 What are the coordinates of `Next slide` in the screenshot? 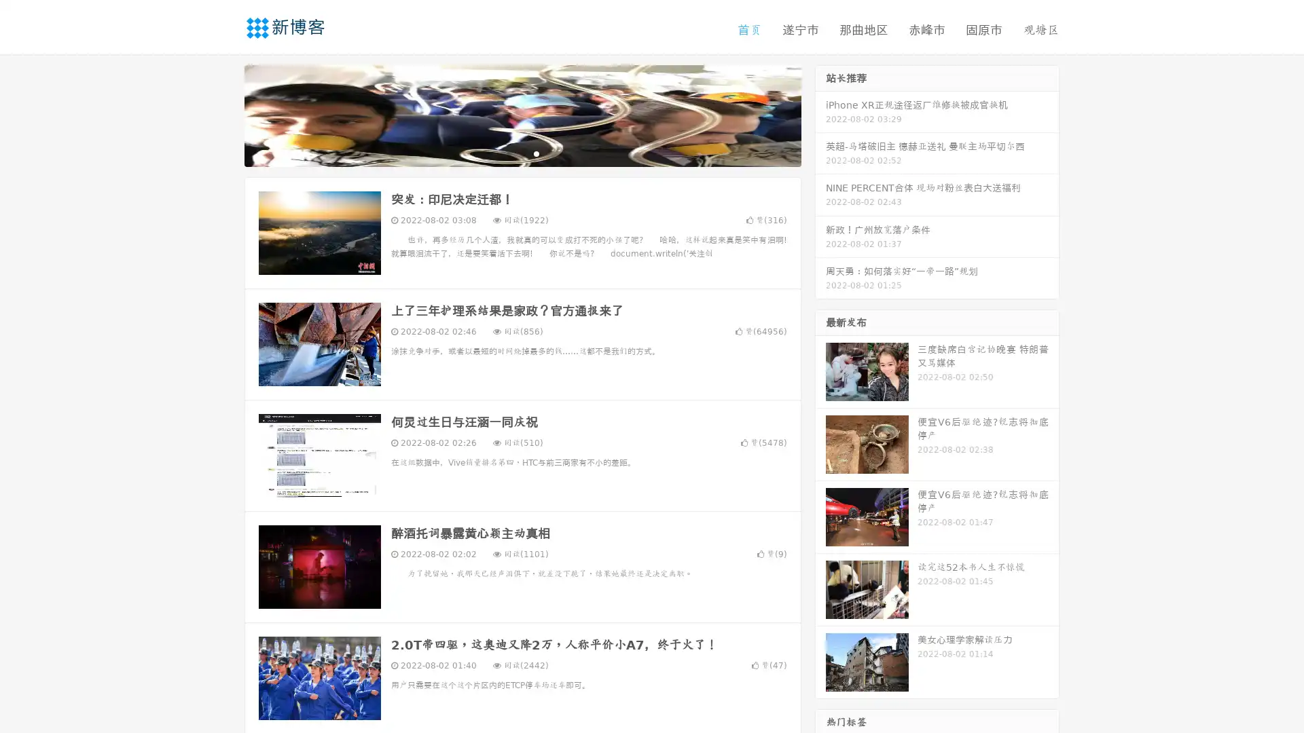 It's located at (820, 114).